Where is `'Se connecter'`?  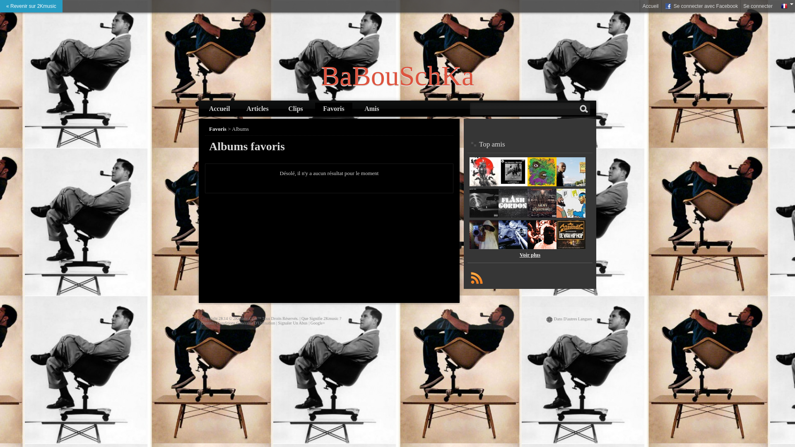 'Se connecter' is located at coordinates (758, 6).